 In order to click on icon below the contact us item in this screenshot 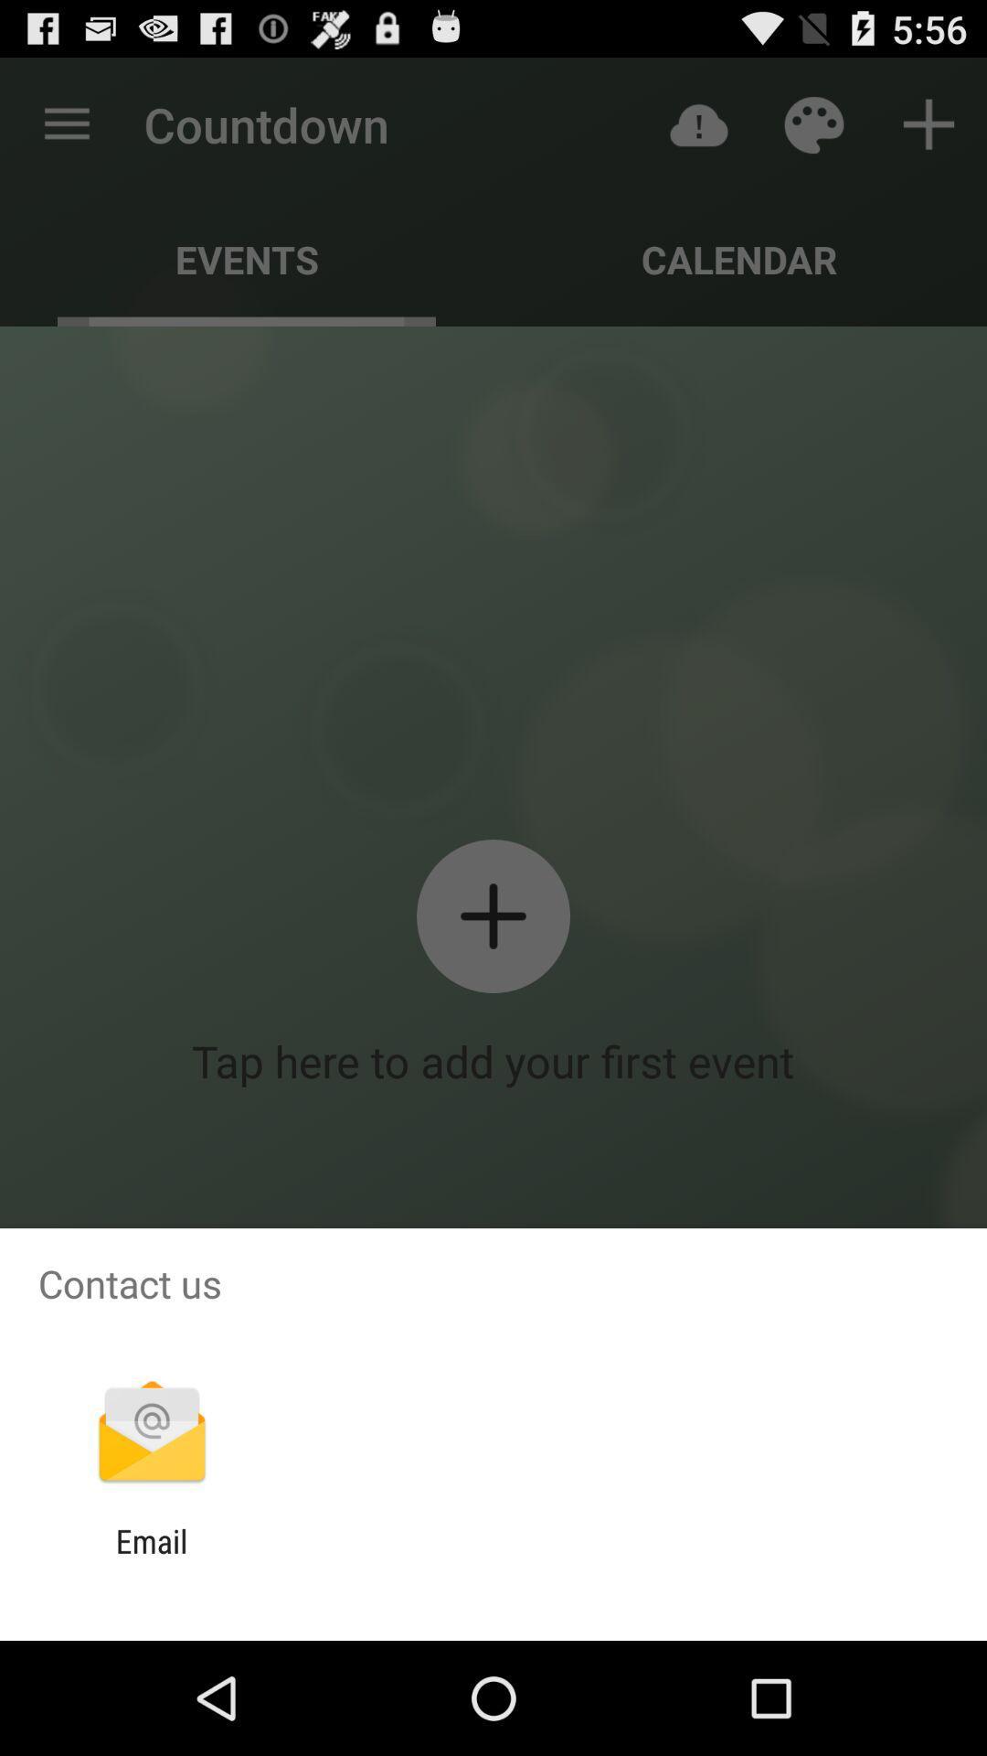, I will do `click(151, 1433)`.